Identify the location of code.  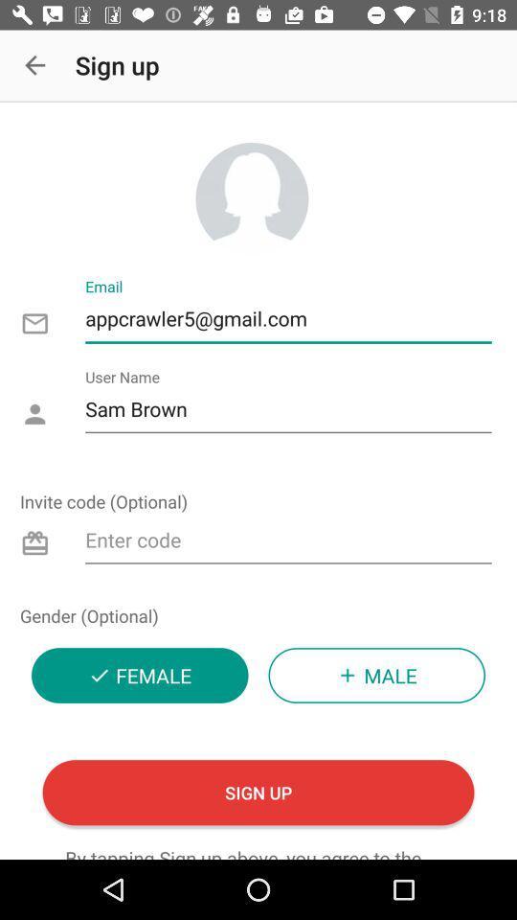
(287, 543).